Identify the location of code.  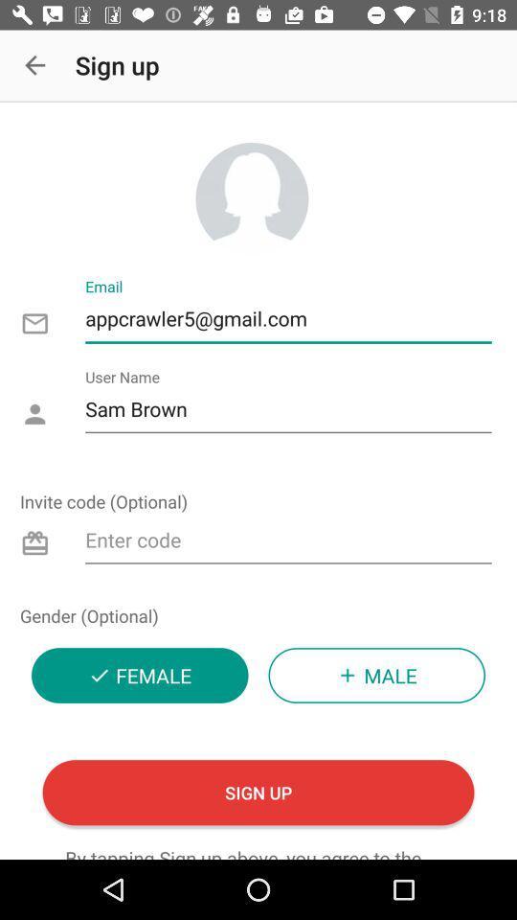
(287, 543).